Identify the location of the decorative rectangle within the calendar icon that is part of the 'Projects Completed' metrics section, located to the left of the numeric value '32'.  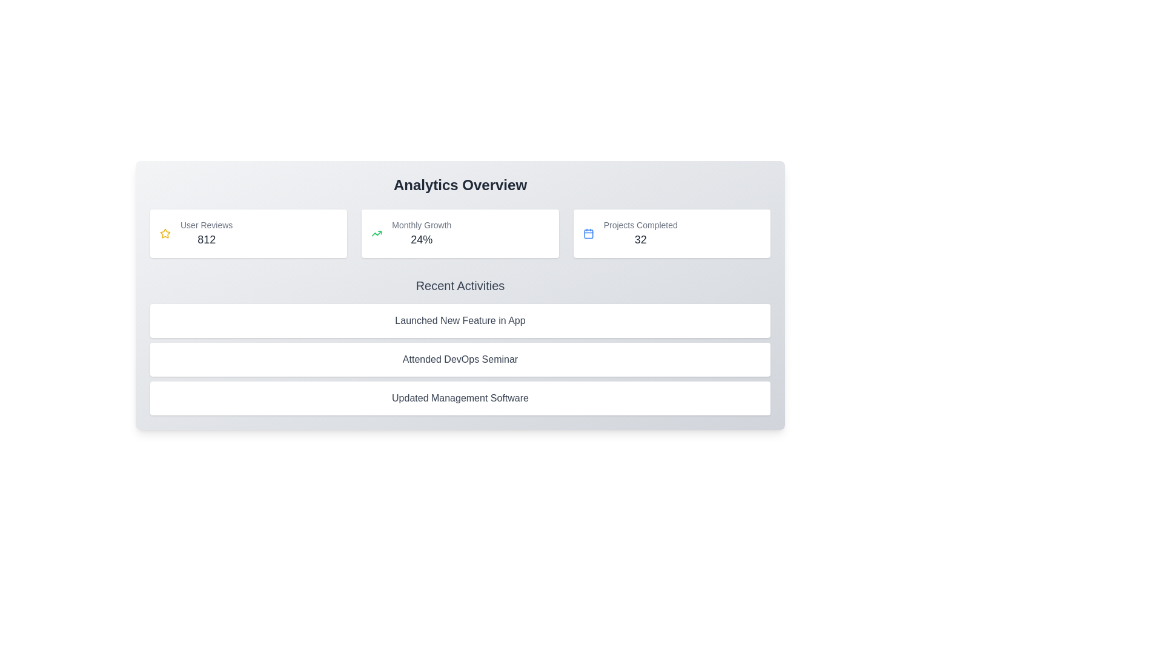
(588, 234).